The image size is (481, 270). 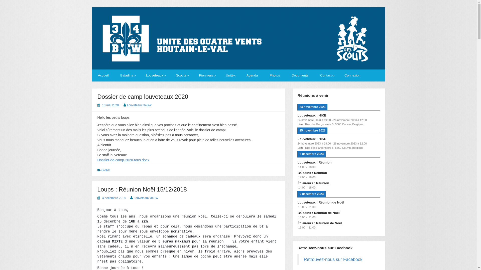 I want to click on 'Dossier-de-camp-2020-tous.docx', so click(x=123, y=160).